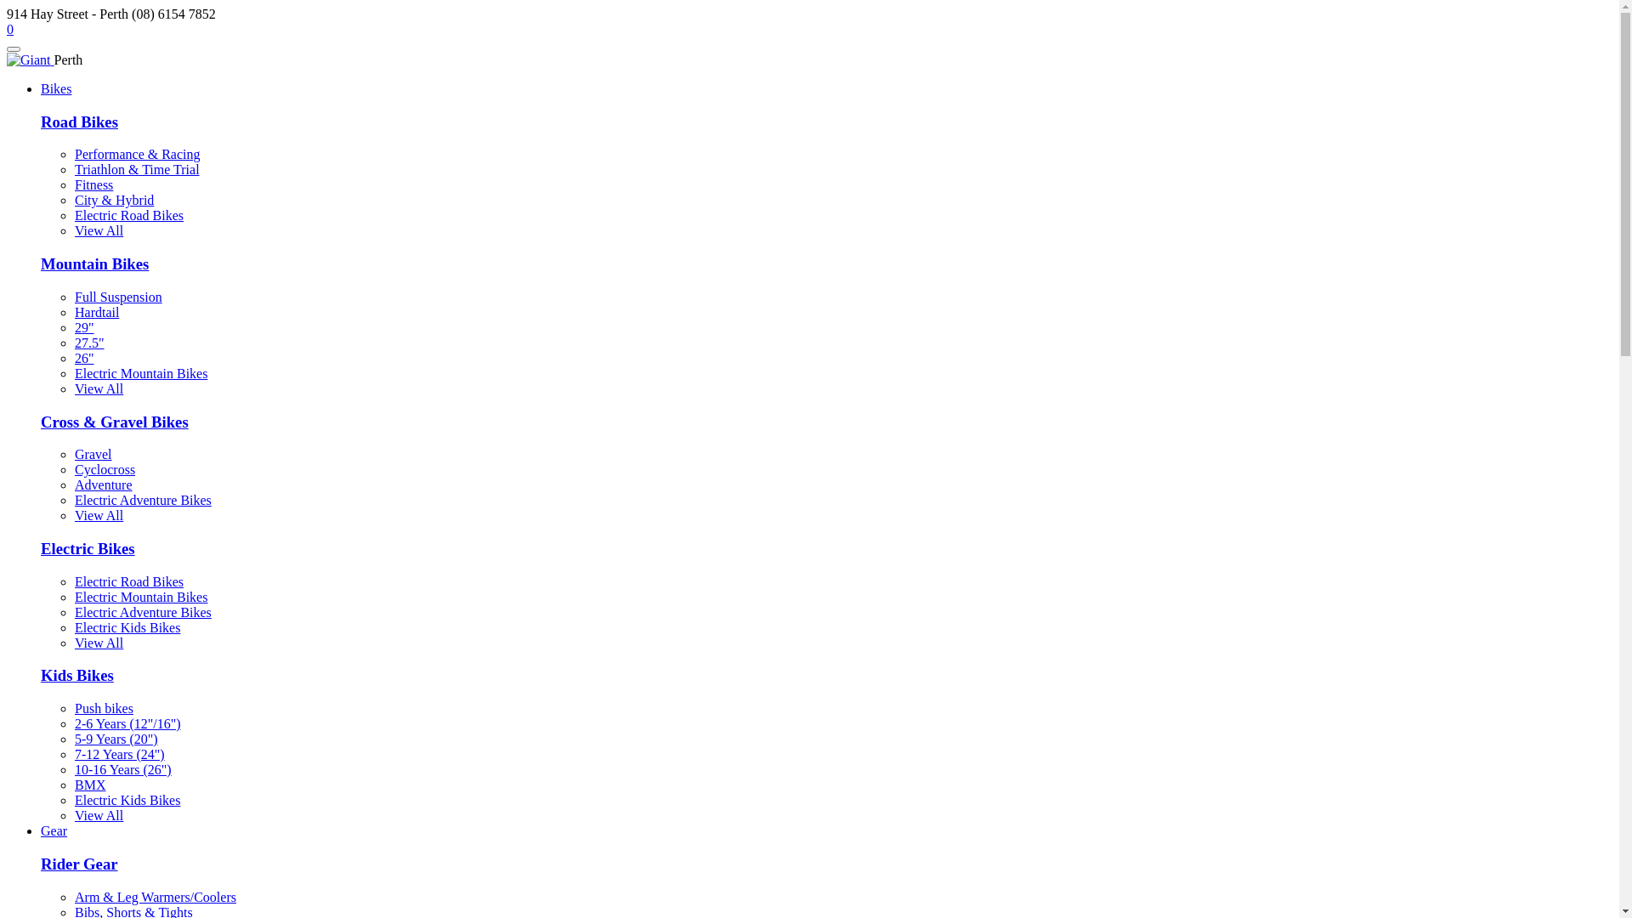 The height and width of the screenshot is (918, 1632). Describe the element at coordinates (73, 184) in the screenshot. I see `'Fitness'` at that location.